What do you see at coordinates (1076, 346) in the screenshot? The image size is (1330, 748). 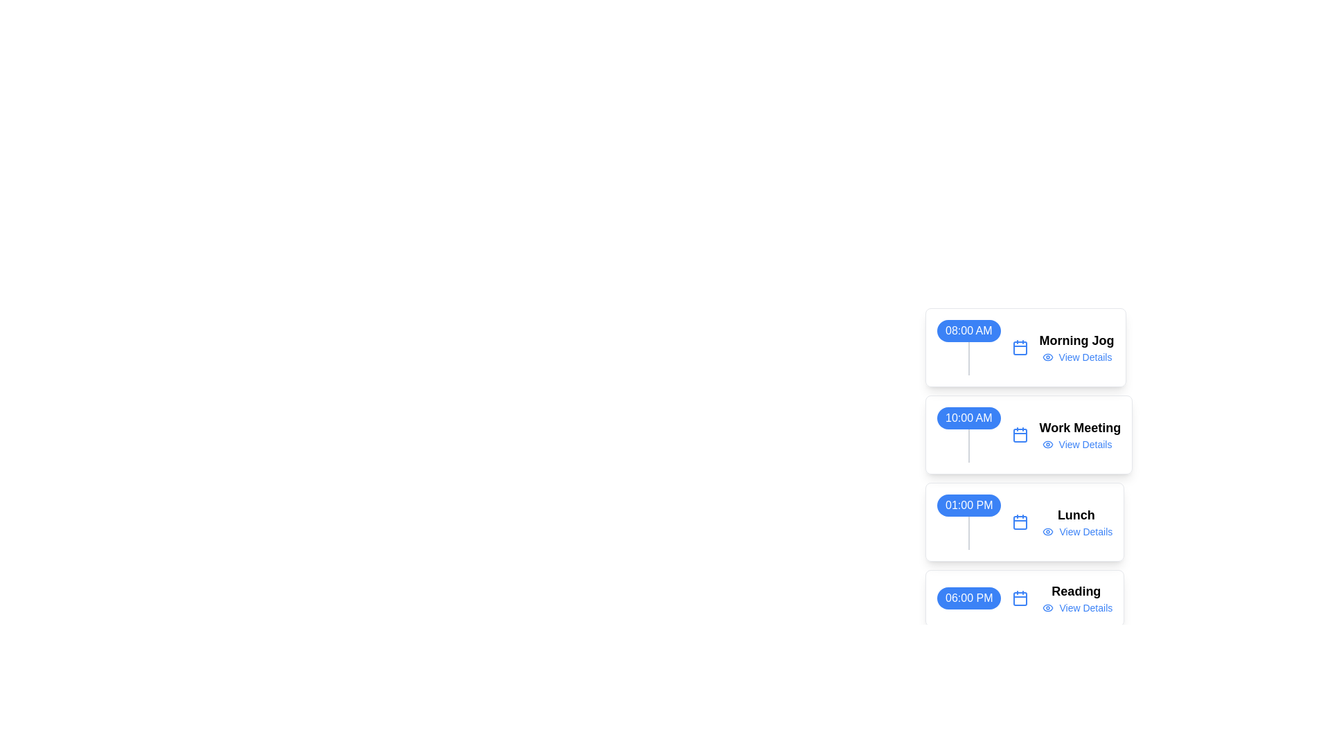 I see `'Morning Jog' text located within the '08:00 AM' event block, positioned to the right of a calendar icon` at bounding box center [1076, 346].